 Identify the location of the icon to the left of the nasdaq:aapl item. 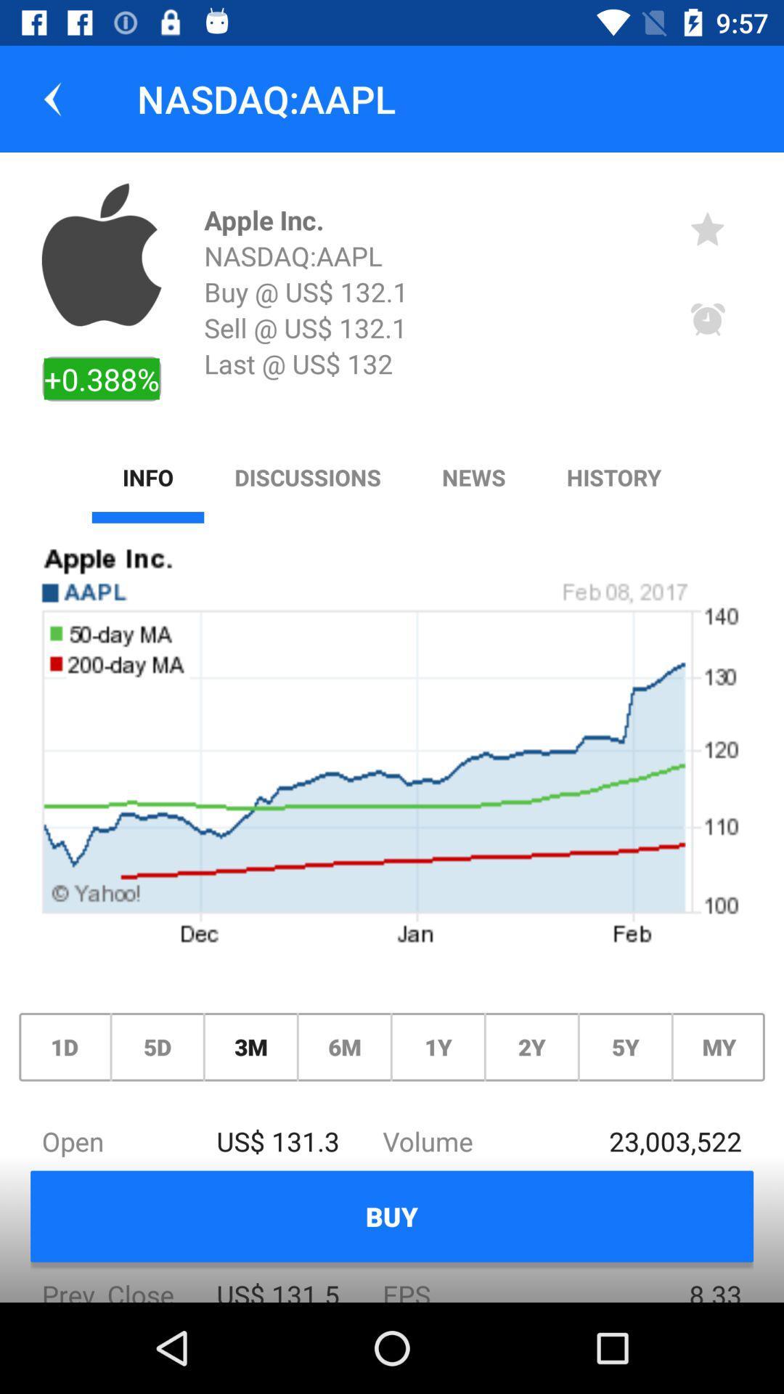
(52, 98).